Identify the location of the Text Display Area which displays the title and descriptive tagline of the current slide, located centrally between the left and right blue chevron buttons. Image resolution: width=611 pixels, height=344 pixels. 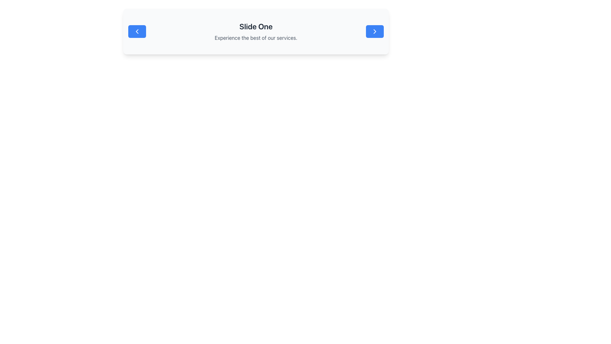
(256, 32).